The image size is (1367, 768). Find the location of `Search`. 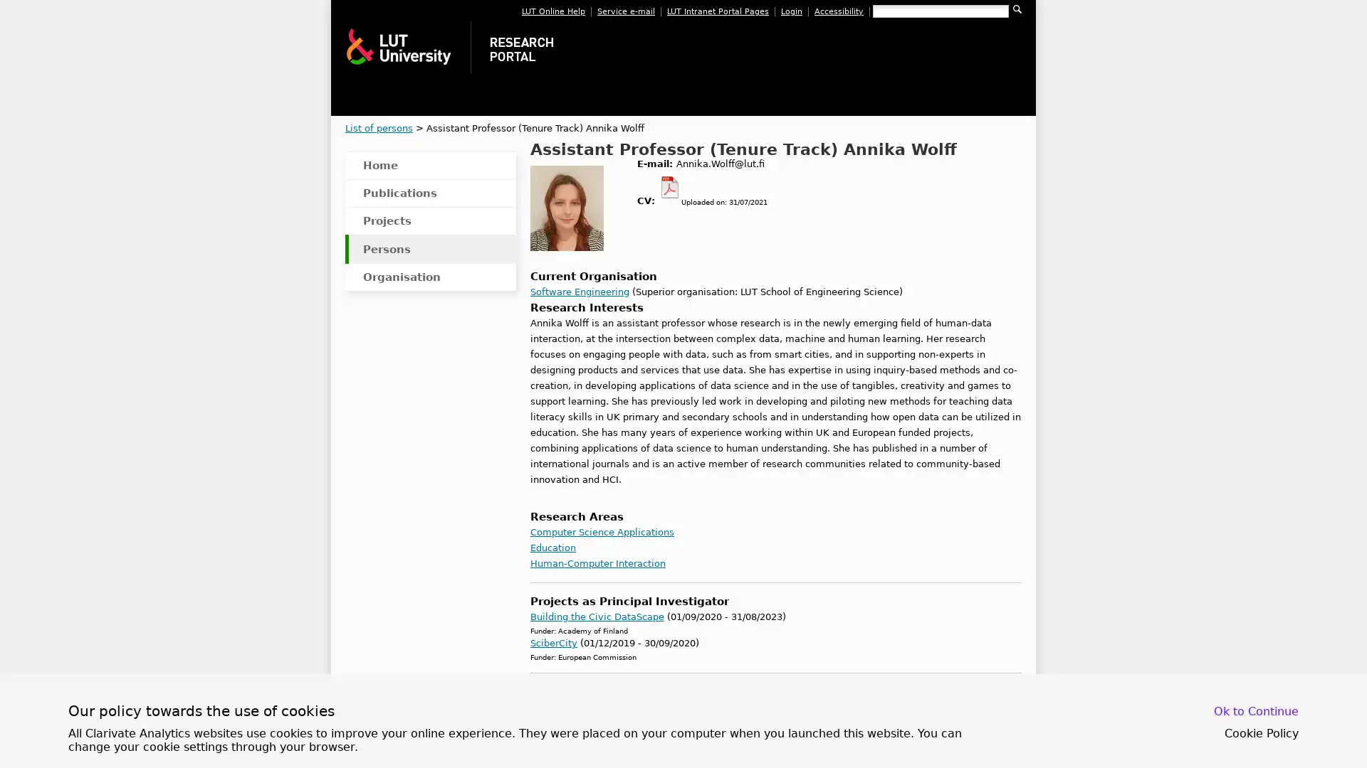

Search is located at coordinates (1017, 9).